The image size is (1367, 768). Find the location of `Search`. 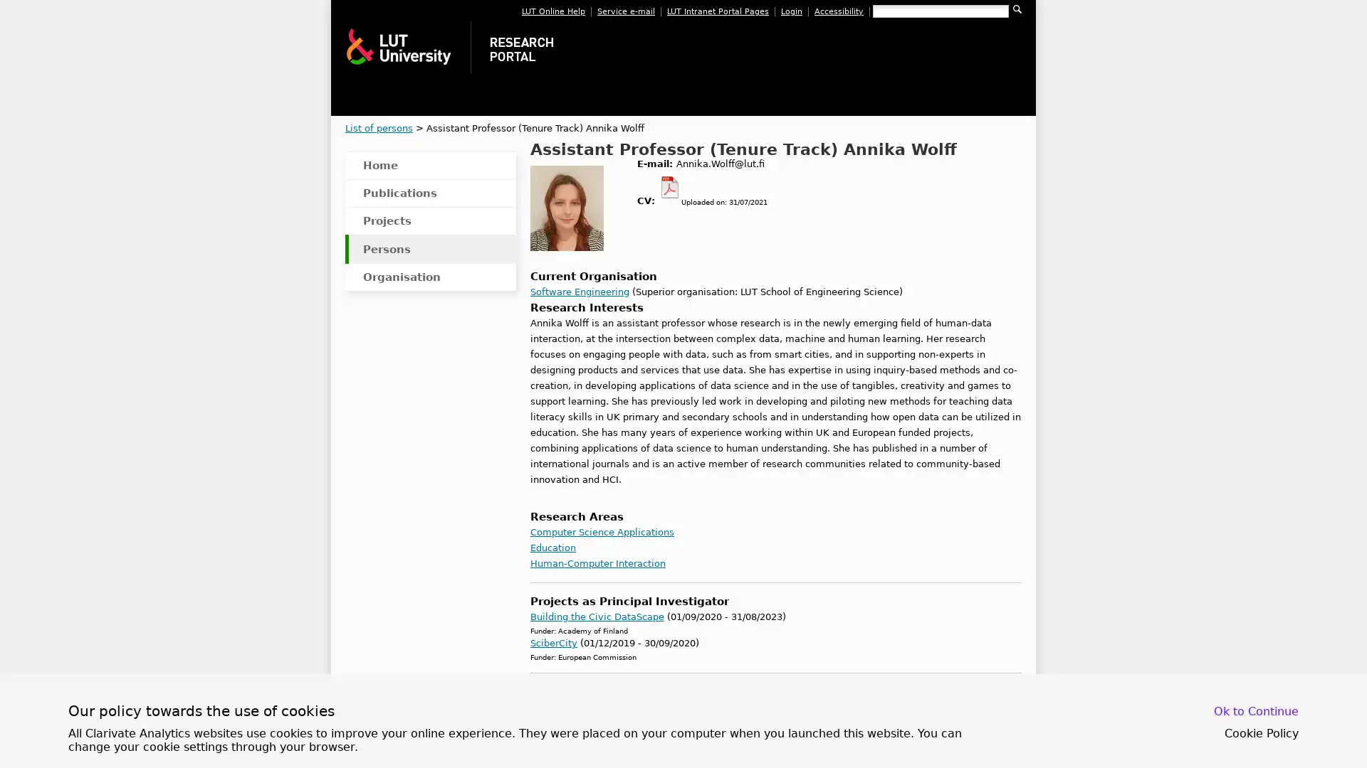

Search is located at coordinates (1017, 9).